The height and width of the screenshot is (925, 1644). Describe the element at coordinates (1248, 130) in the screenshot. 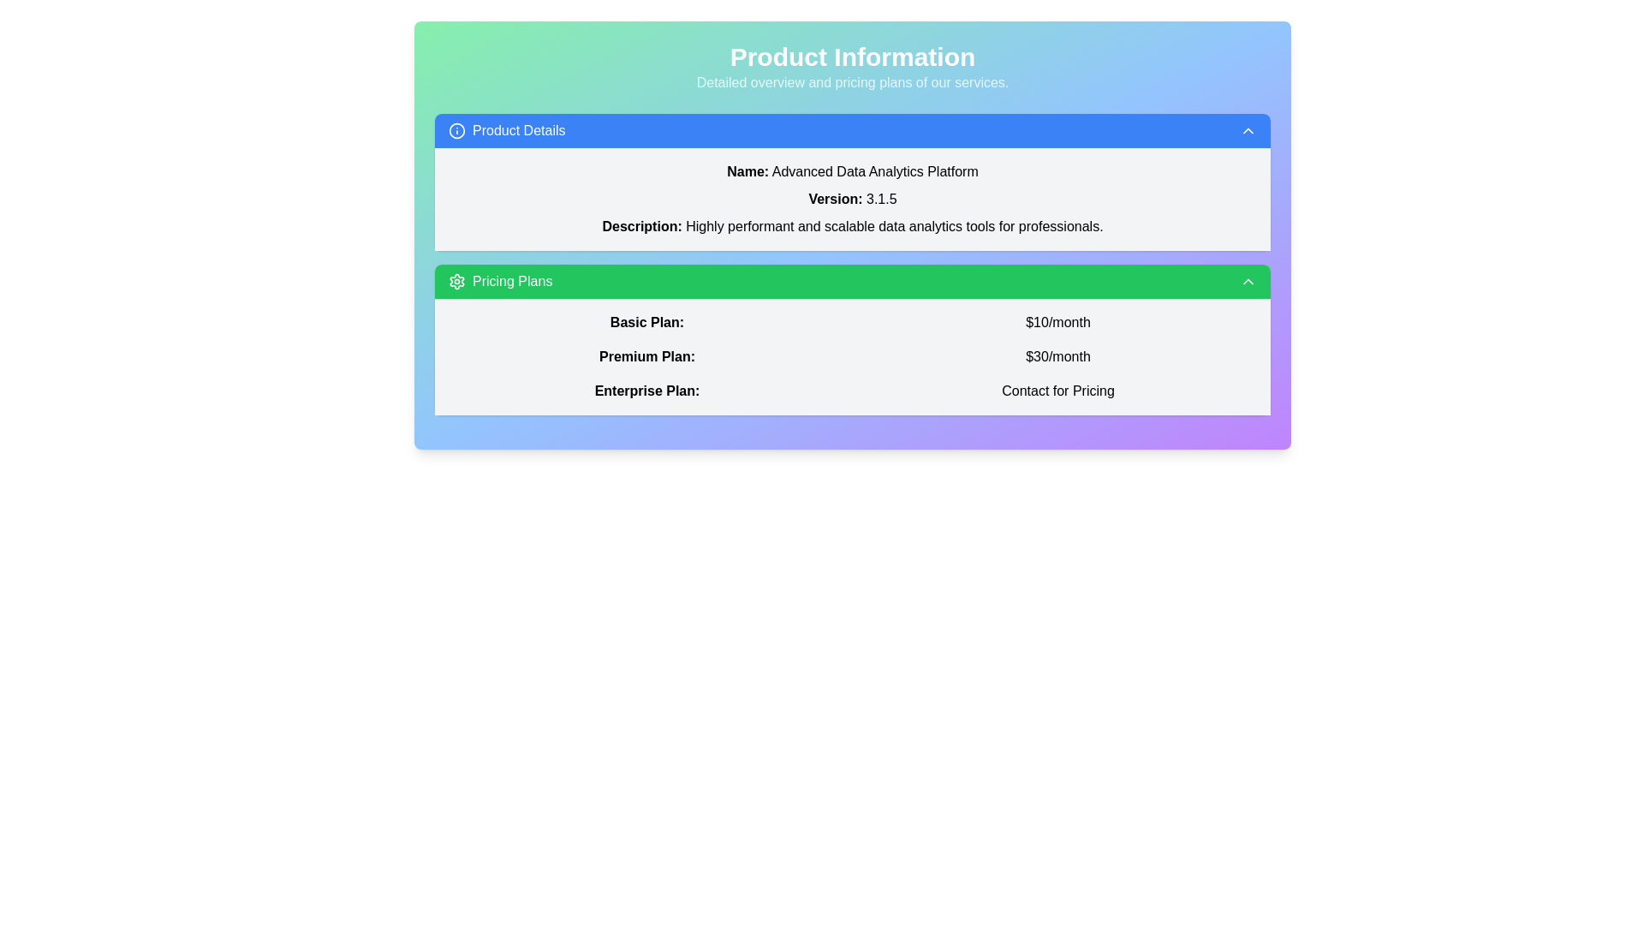

I see `the chevron-up icon button on the far-right side of the 'Product Details' section` at that location.